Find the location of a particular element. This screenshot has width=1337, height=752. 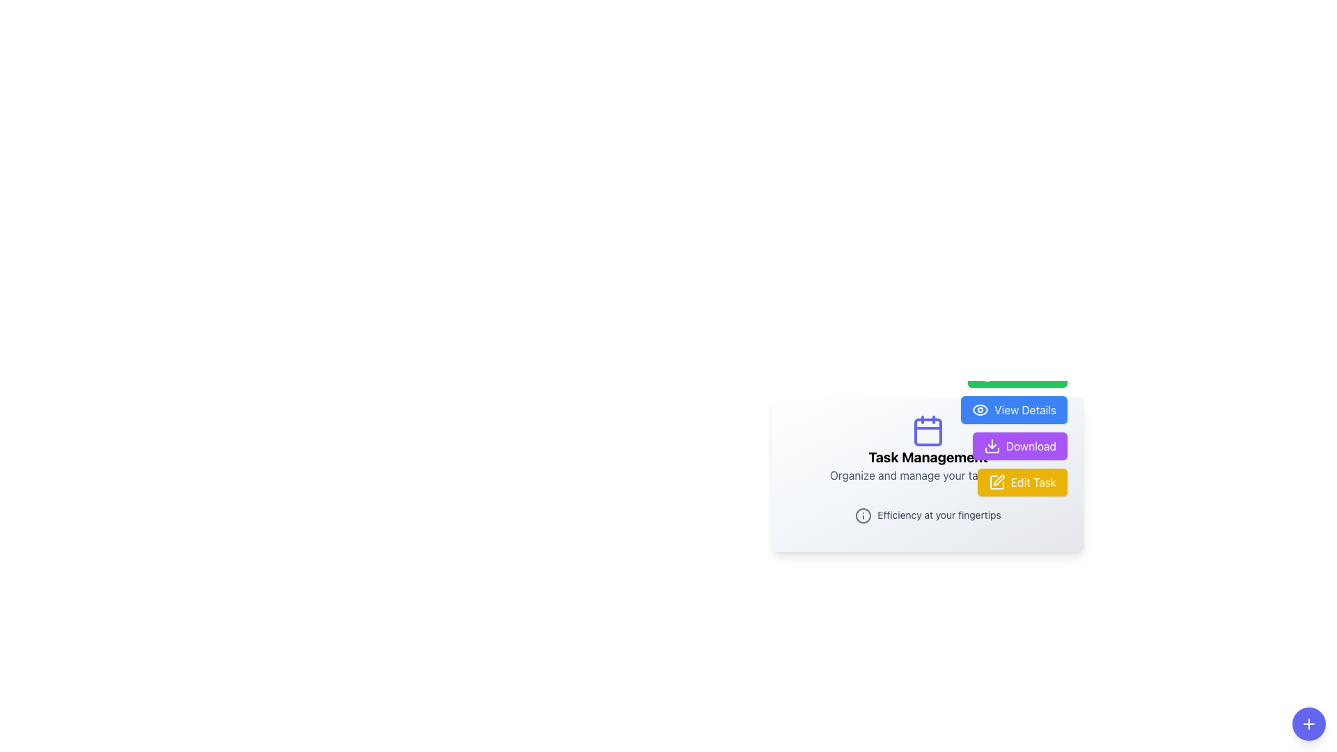

the Text Label stating 'Efficiency at your fingertips', which is styled with a smaller gray text and located at the bottom-left of the card-like section is located at coordinates (939, 515).